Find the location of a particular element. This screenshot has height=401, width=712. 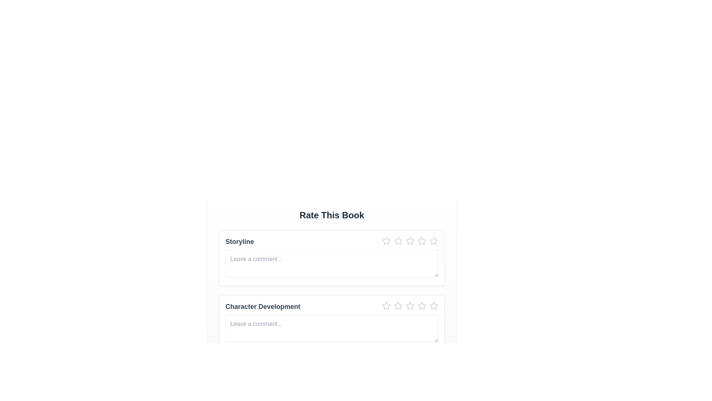

the fifth star icon in the horizontal series of rating stars located in the 'Storyline' section under 'Rate This Book' is located at coordinates (409, 241).